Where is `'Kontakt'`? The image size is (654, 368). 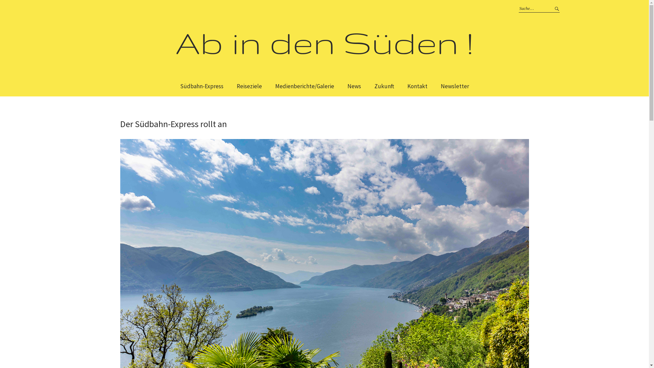 'Kontakt' is located at coordinates (417, 86).